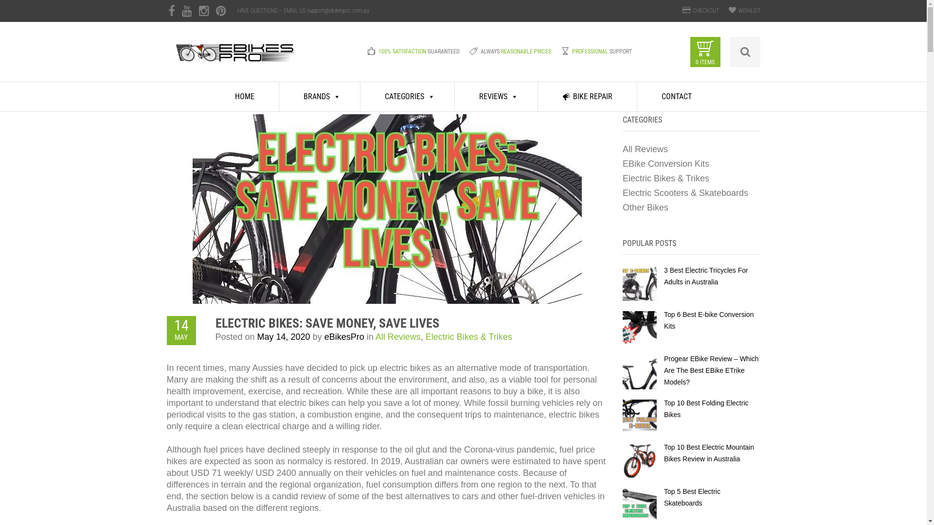 Image resolution: width=934 pixels, height=525 pixels. I want to click on 'eBikesPro', so click(344, 336).